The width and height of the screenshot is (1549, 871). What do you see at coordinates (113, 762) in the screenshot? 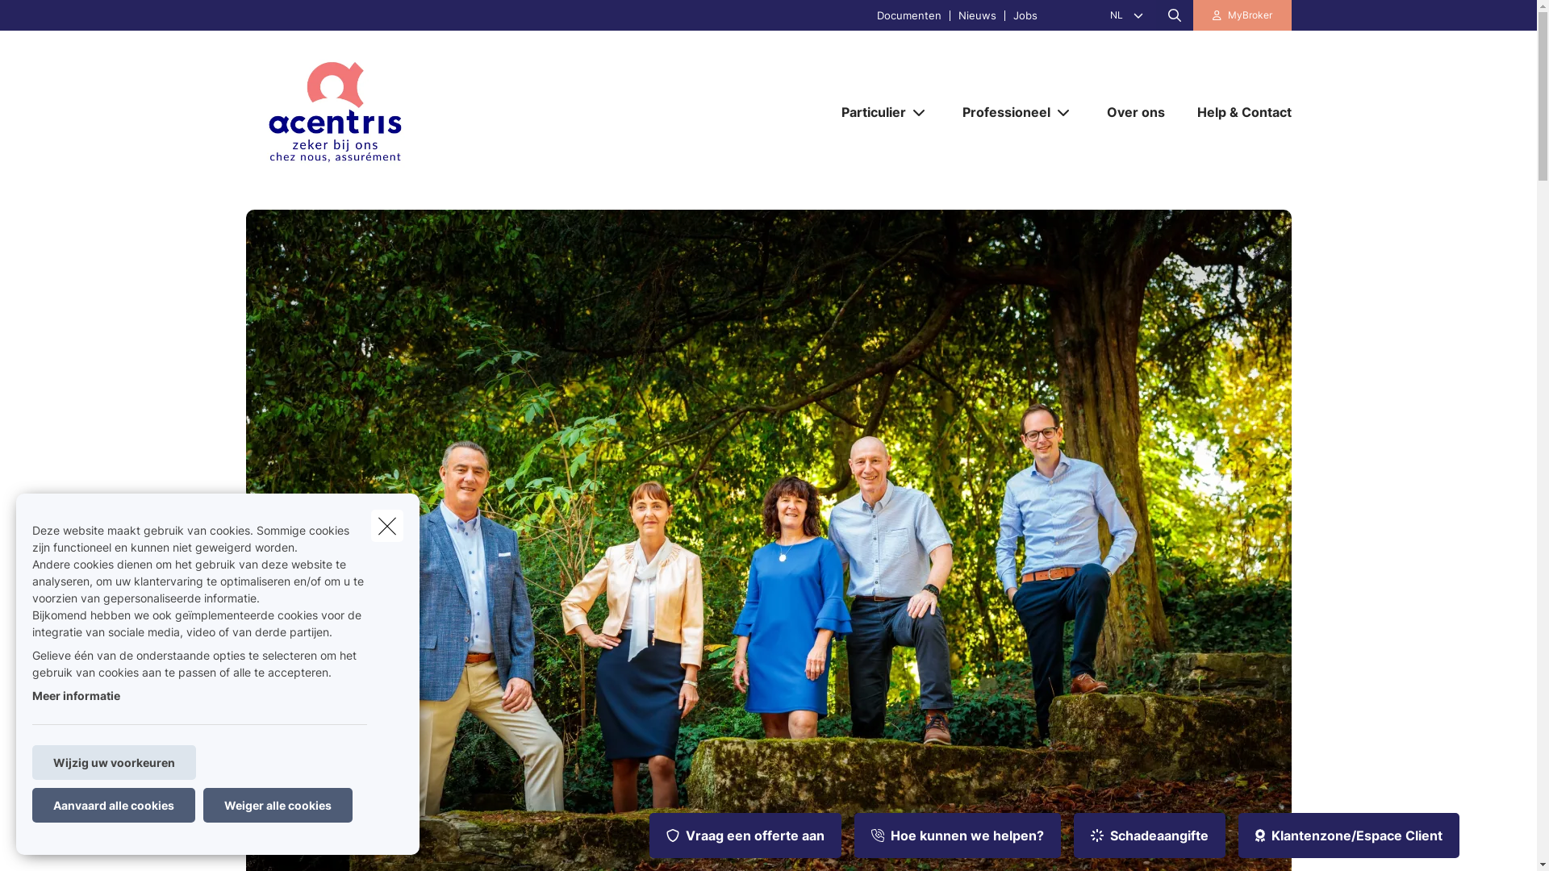
I see `'Wijzig uw voorkeuren'` at bounding box center [113, 762].